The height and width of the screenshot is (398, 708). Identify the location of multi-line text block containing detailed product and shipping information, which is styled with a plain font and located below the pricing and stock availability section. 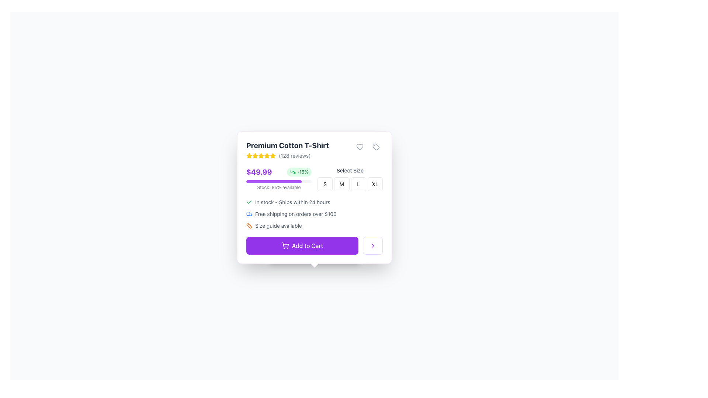
(315, 210).